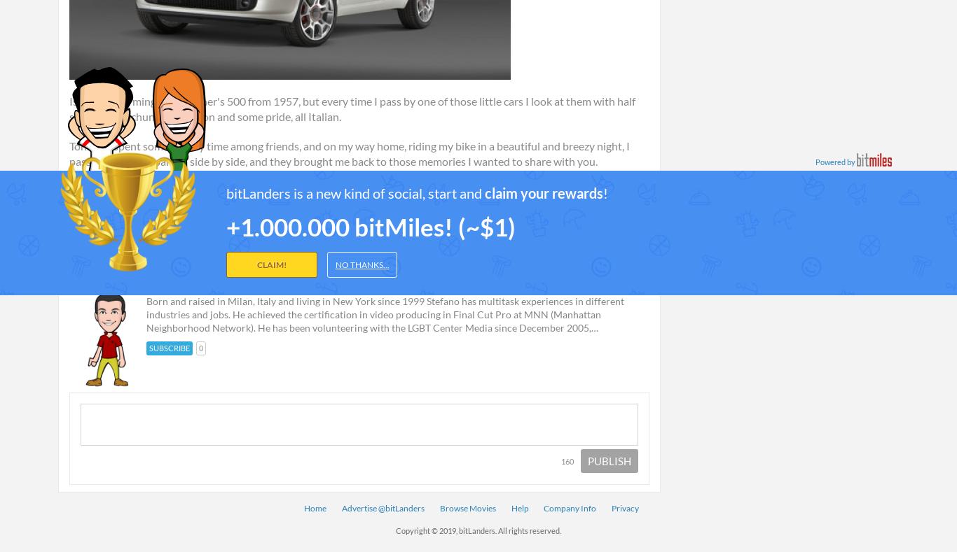 This screenshot has width=957, height=552. I want to click on '#cinquecento', so click(455, 204).